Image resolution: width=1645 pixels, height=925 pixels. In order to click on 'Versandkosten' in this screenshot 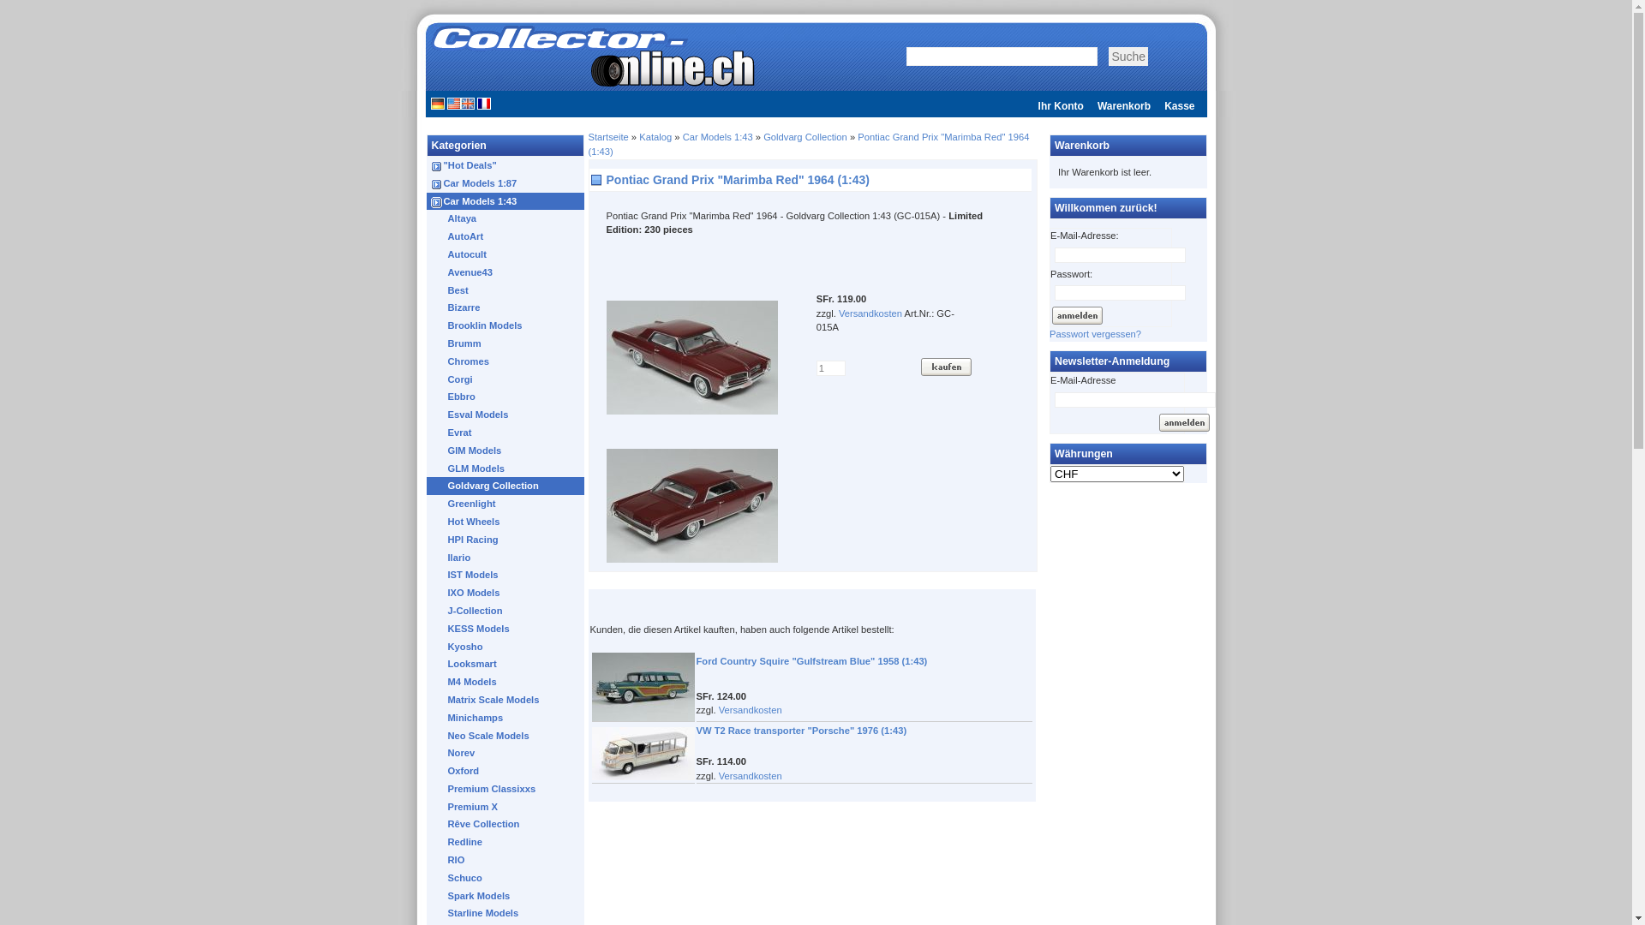, I will do `click(870, 313)`.